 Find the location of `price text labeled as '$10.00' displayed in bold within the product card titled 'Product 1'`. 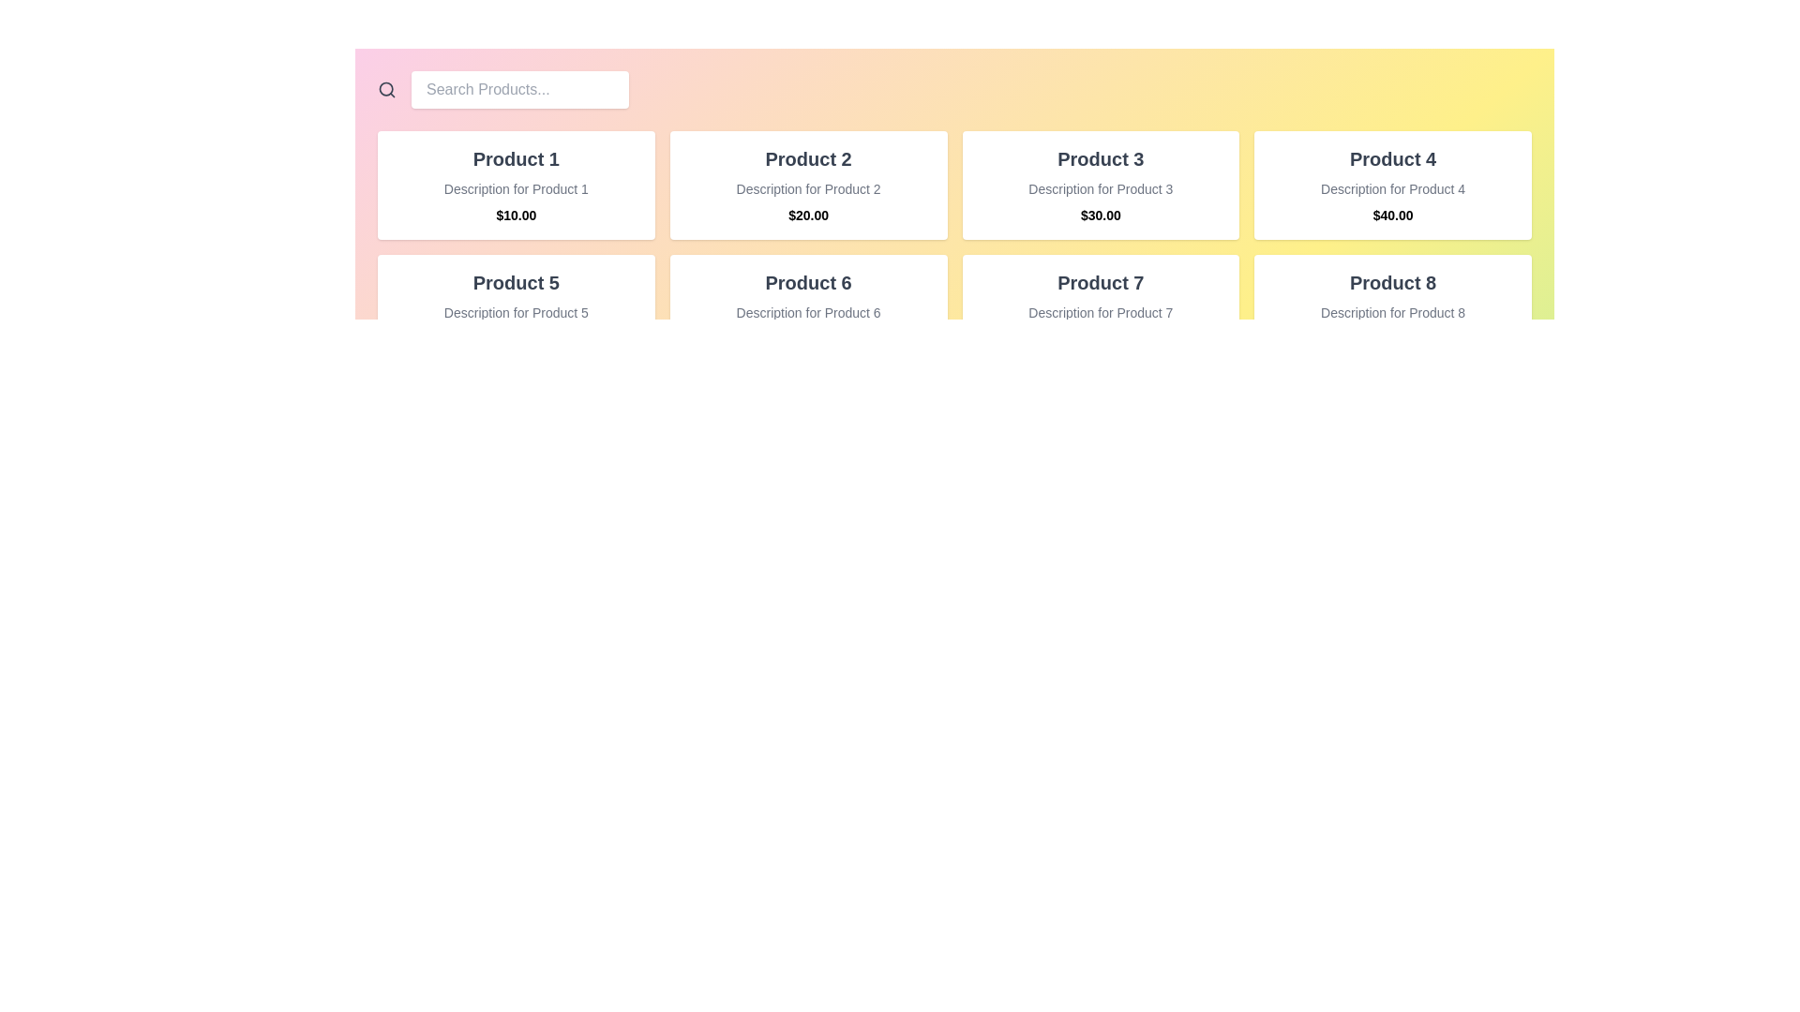

price text labeled as '$10.00' displayed in bold within the product card titled 'Product 1' is located at coordinates (516, 215).